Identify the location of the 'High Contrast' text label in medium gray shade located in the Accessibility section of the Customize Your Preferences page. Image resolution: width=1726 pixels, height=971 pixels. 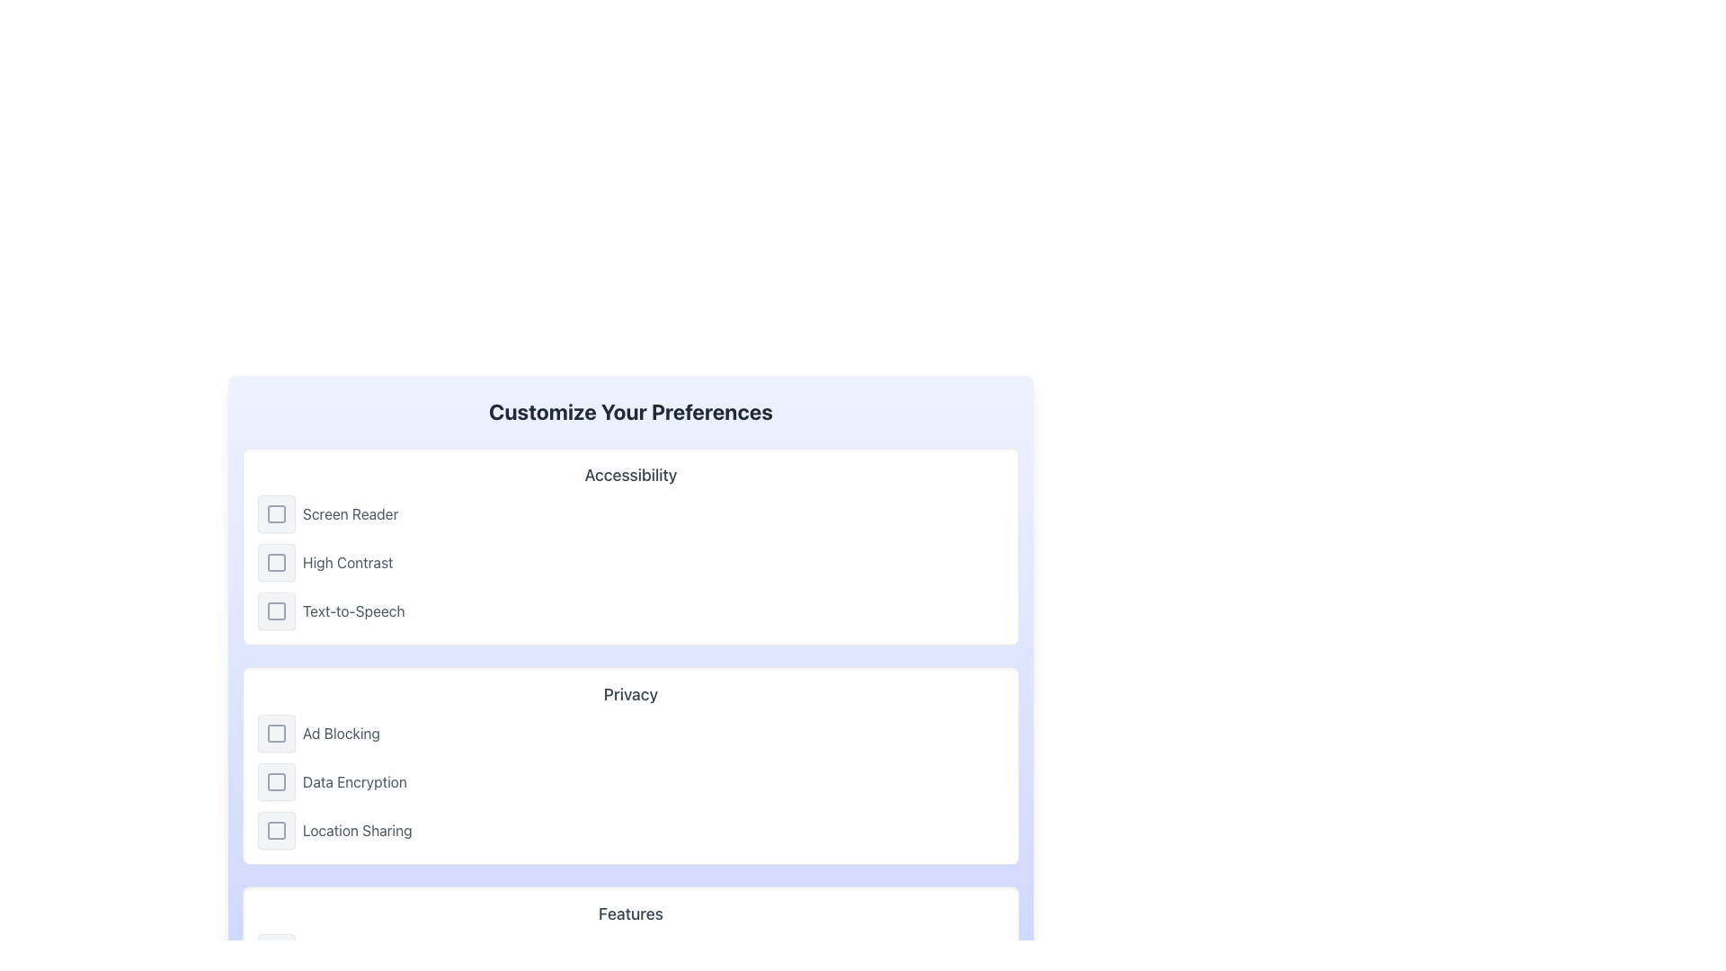
(348, 561).